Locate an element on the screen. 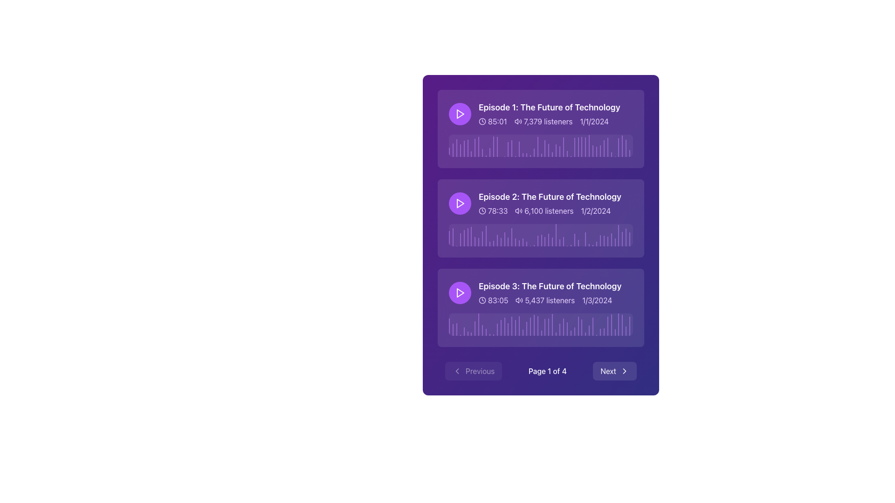 This screenshot has width=895, height=503. the 28th vertical Waveform segment bar, which is a purple translucent line within the audio waveform in the second card of the list is located at coordinates (549, 239).